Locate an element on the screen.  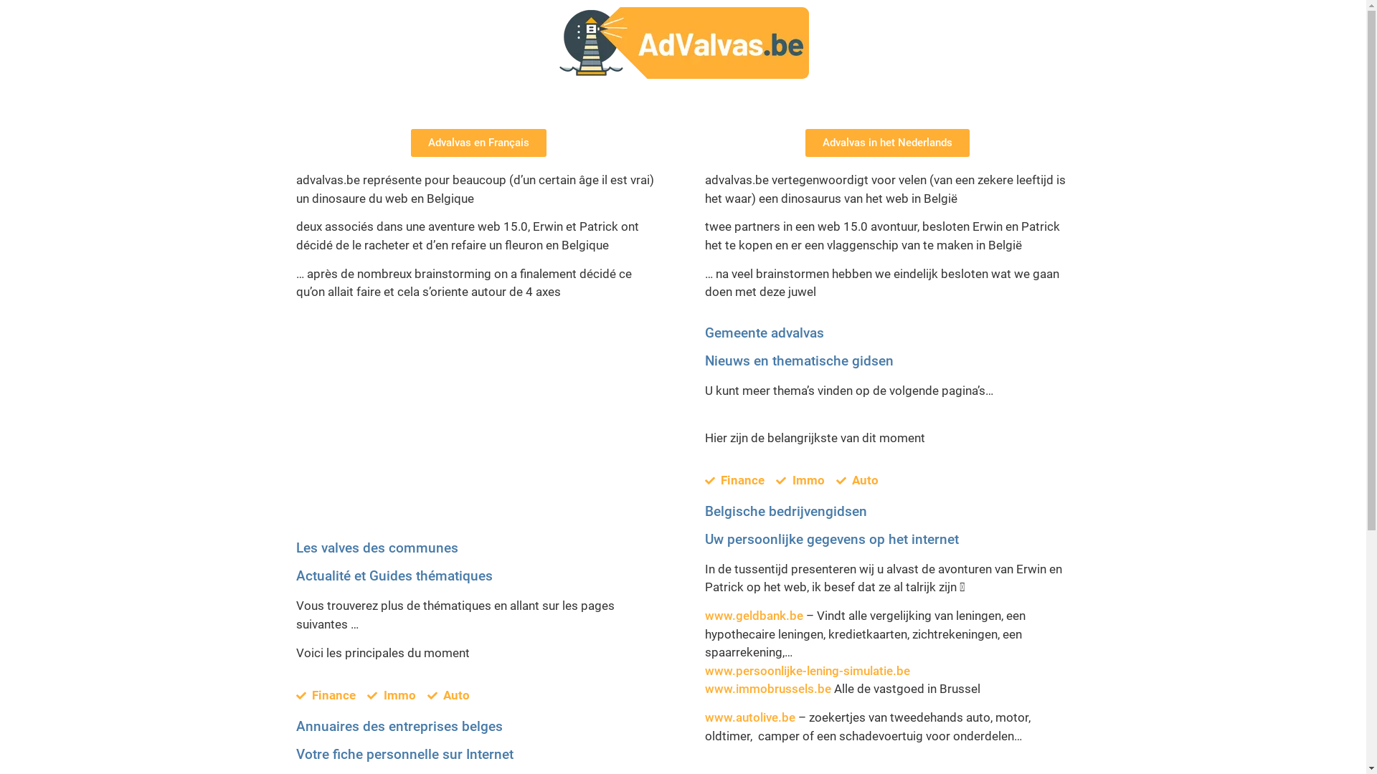
'Finance' is located at coordinates (734, 481).